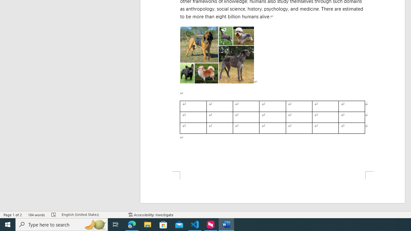  What do you see at coordinates (54, 215) in the screenshot?
I see `'Spelling and Grammar Check Errors'` at bounding box center [54, 215].